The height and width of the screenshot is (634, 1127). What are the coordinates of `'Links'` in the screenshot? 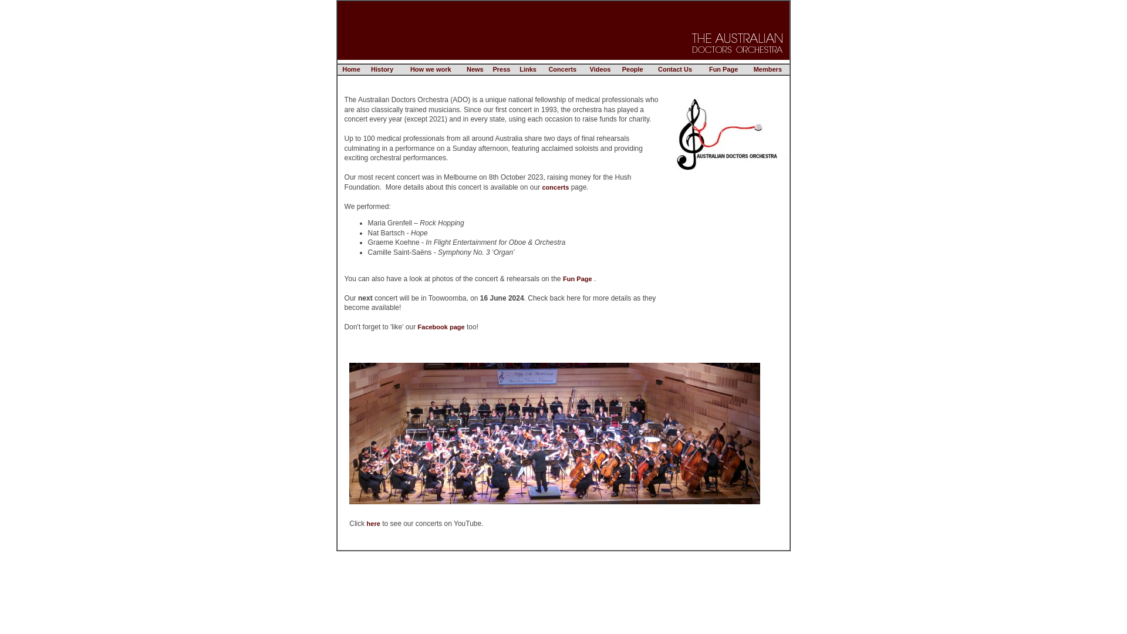 It's located at (518, 69).